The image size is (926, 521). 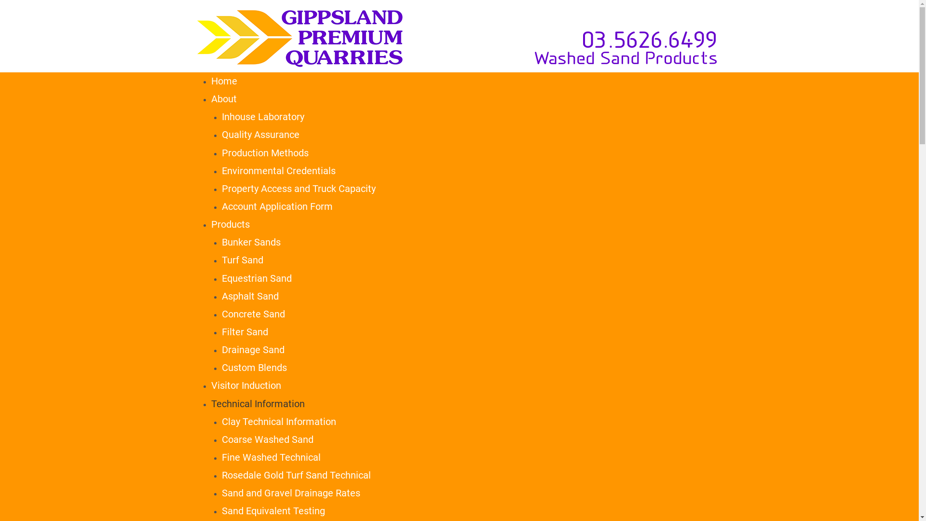 I want to click on 'Filter Sand', so click(x=245, y=331).